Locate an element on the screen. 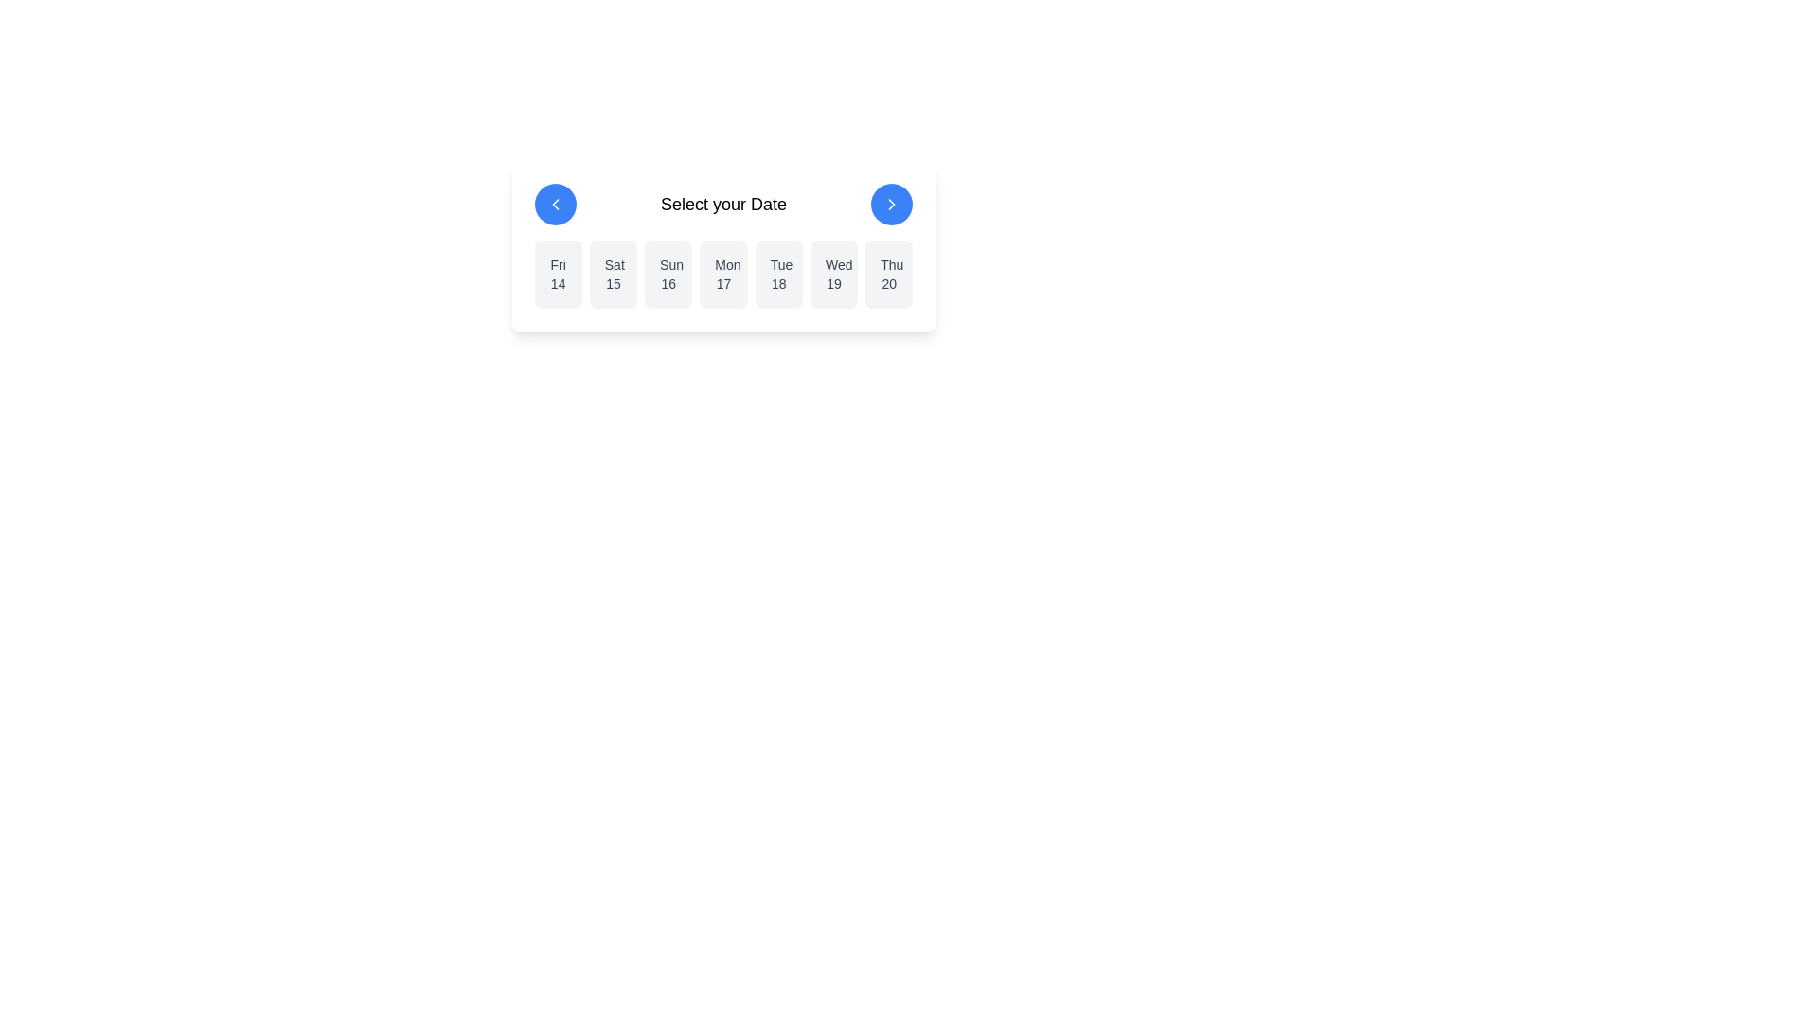 The image size is (1818, 1023). the header label indicating the purpose of the date selection module, located at the center of the date selection interface is located at coordinates (722, 205).